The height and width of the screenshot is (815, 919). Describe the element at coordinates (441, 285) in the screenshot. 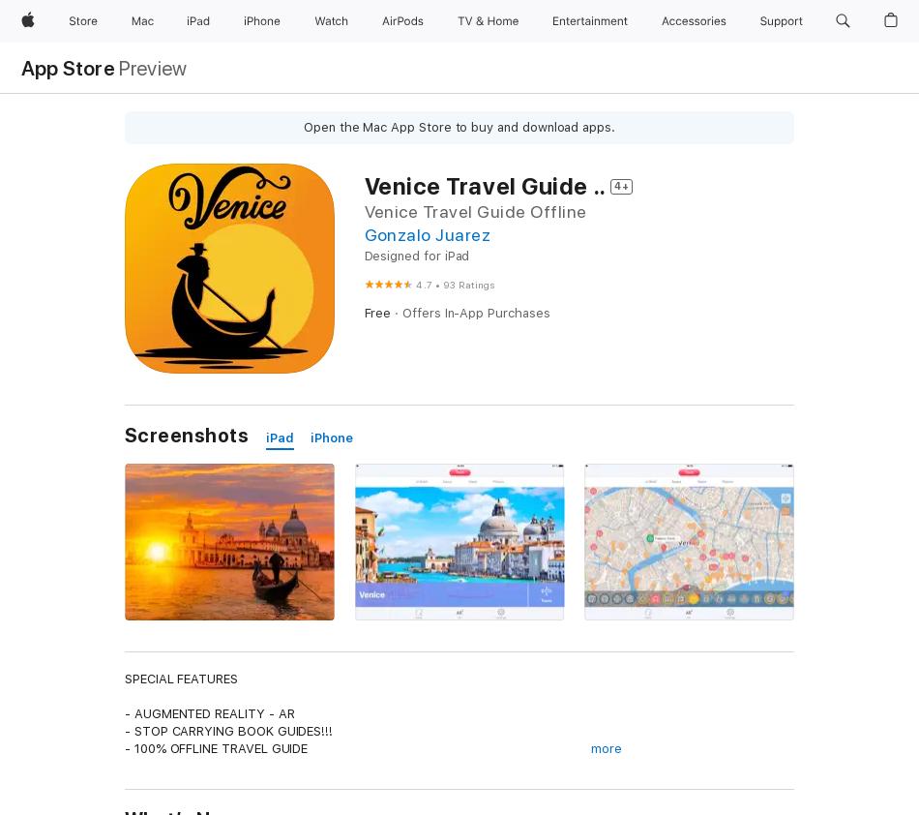

I see `'93 Ratings'` at that location.